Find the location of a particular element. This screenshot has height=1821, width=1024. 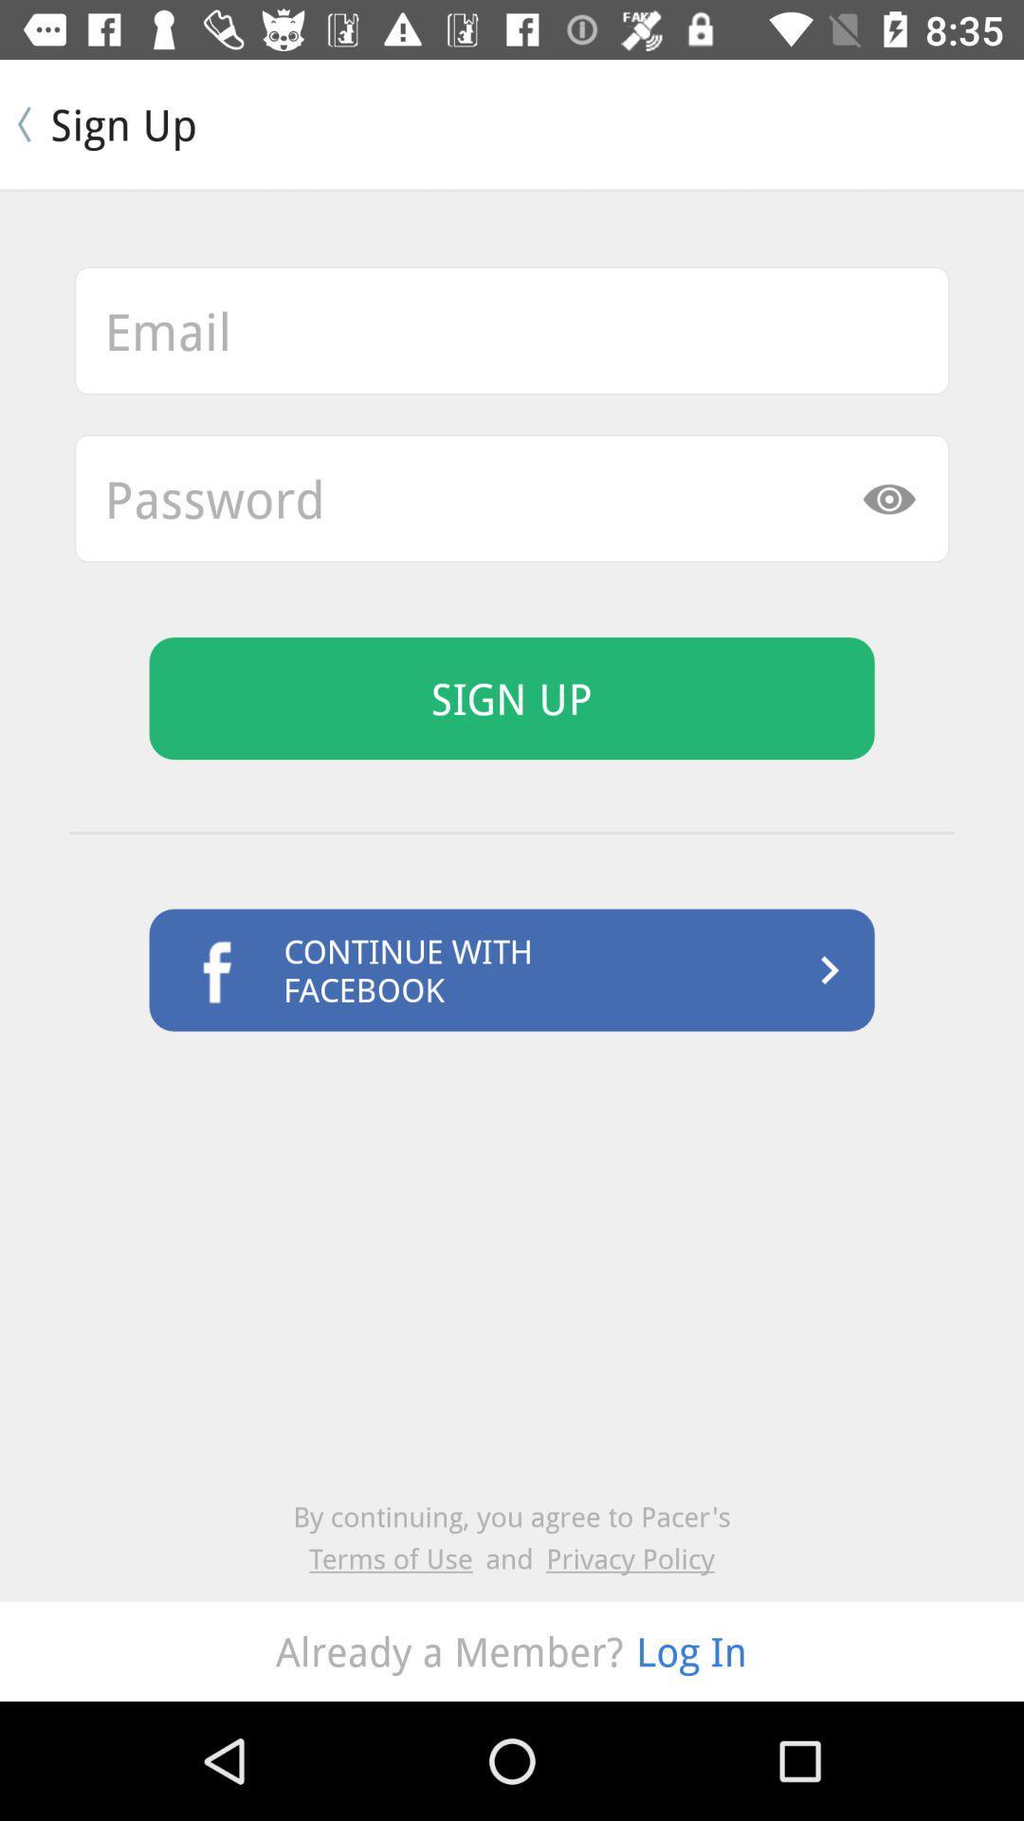

the icon above the already a member? item is located at coordinates (396, 1558).